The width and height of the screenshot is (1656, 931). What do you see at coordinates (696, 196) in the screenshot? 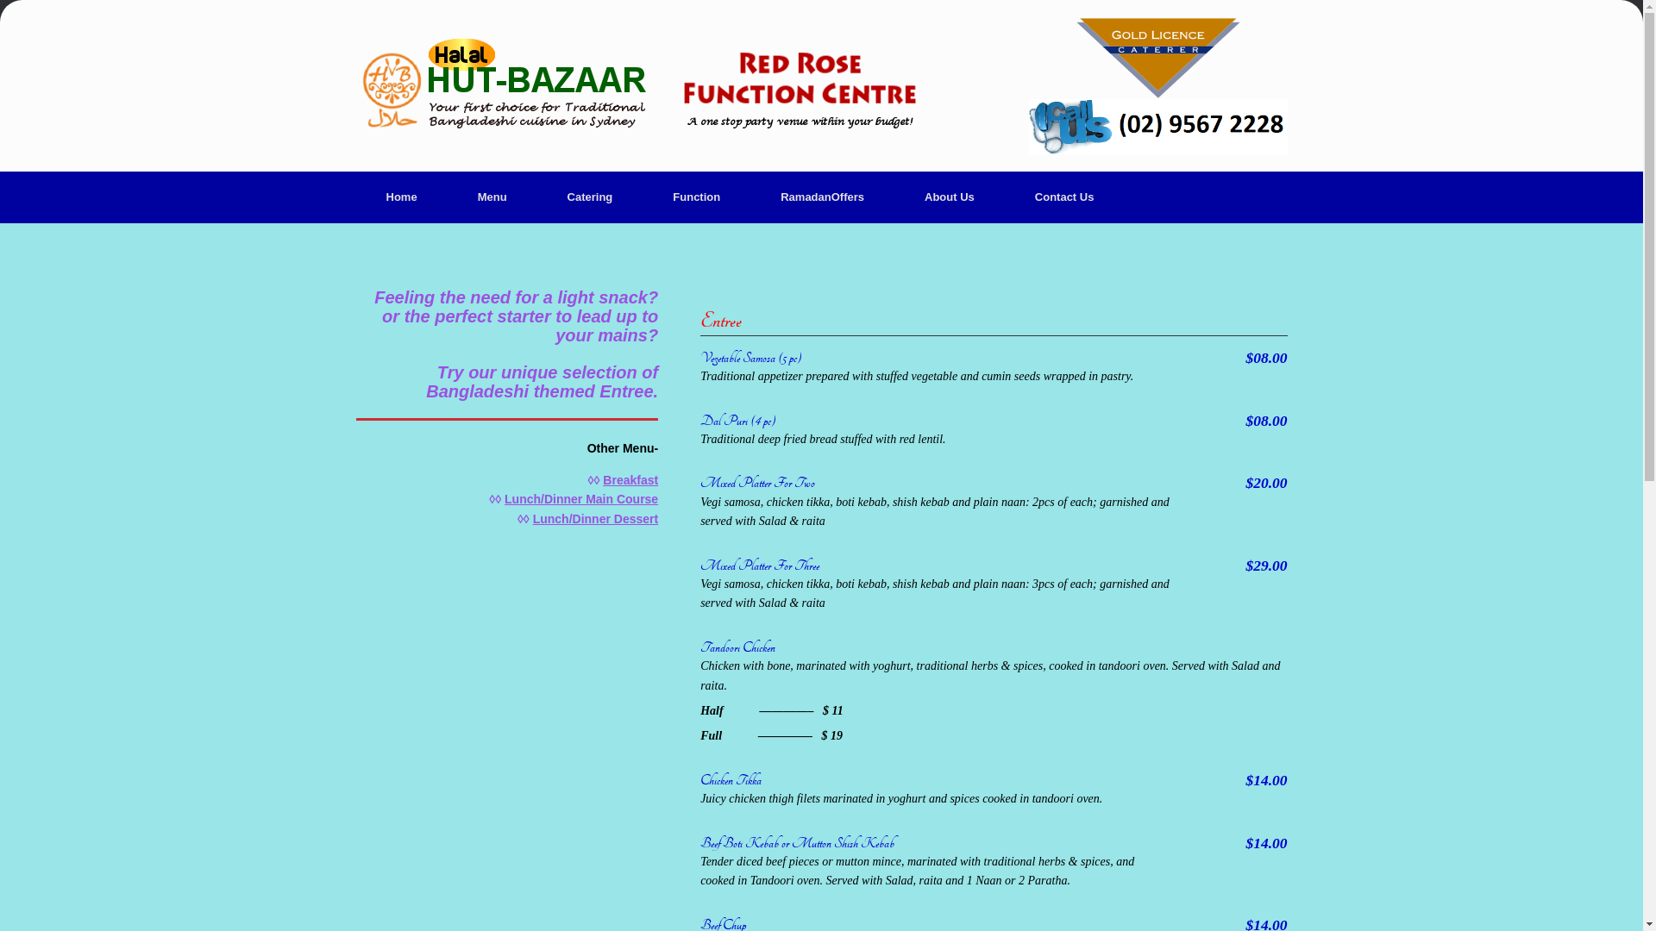
I see `'Function'` at bounding box center [696, 196].